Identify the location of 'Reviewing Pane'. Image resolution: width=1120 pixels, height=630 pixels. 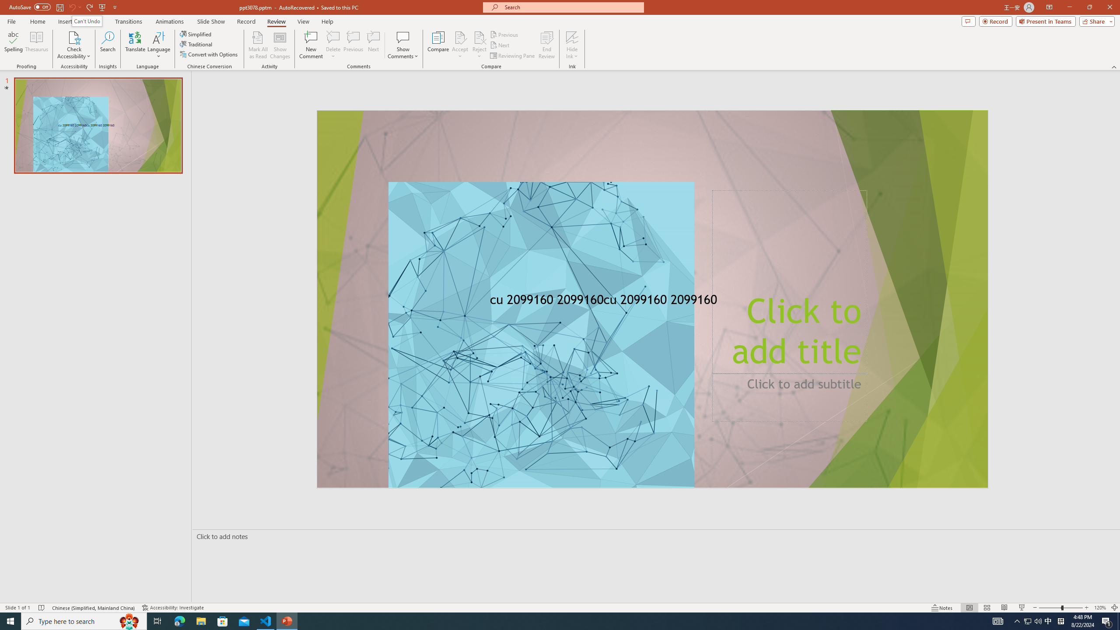
(512, 56).